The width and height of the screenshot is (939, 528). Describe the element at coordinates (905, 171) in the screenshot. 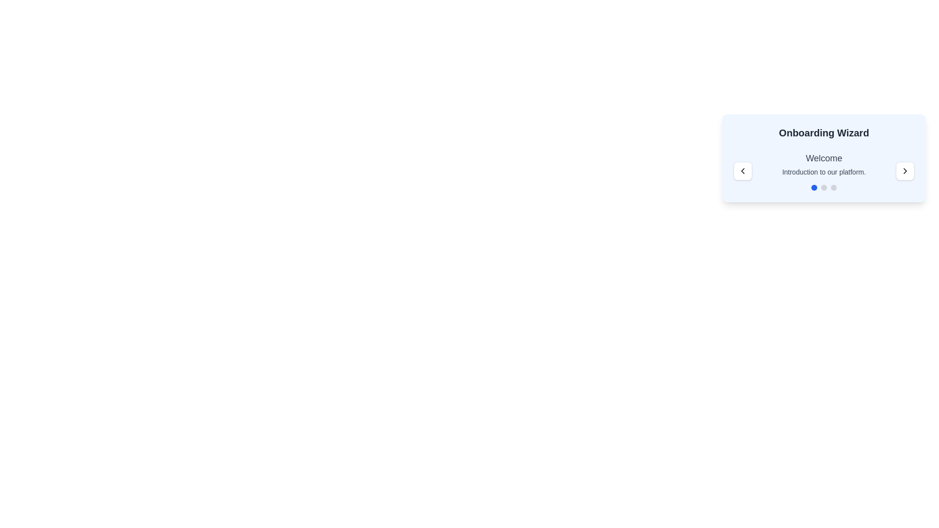

I see `the right-pointing chevron arrow located within the circular button of the navigation panel in the 'Onboarding Wizard' section to advance to the next page` at that location.